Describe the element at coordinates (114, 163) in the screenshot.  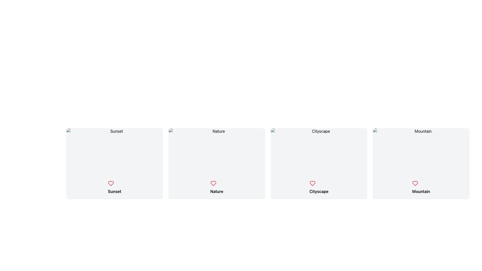
I see `the image or text content of the first card in the grid, which has a light gray background and contains the word 'Sunset' and a heart icon` at that location.